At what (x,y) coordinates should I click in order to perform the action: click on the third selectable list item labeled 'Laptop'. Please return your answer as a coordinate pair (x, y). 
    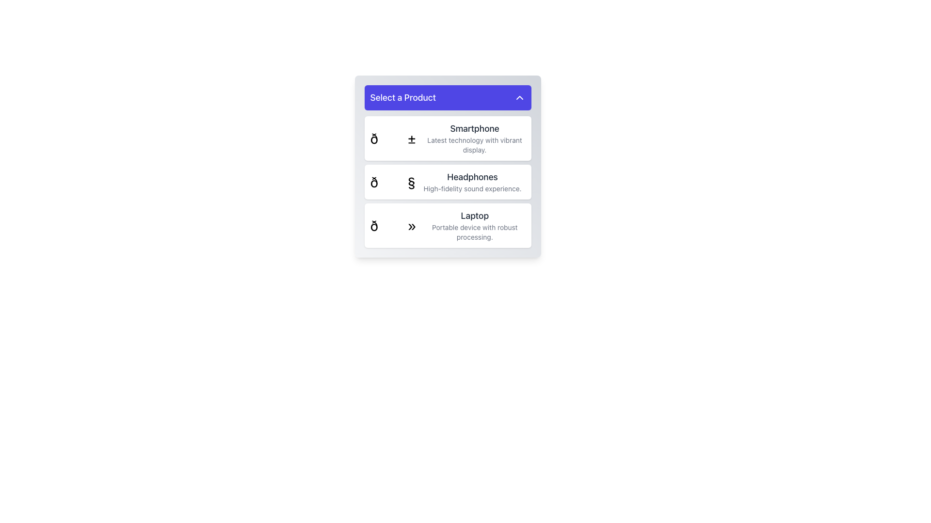
    Looking at the image, I should click on (447, 226).